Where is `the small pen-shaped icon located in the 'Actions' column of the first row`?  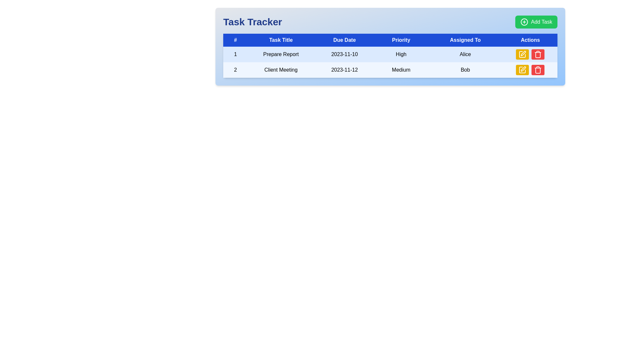
the small pen-shaped icon located in the 'Actions' column of the first row is located at coordinates (523, 53).